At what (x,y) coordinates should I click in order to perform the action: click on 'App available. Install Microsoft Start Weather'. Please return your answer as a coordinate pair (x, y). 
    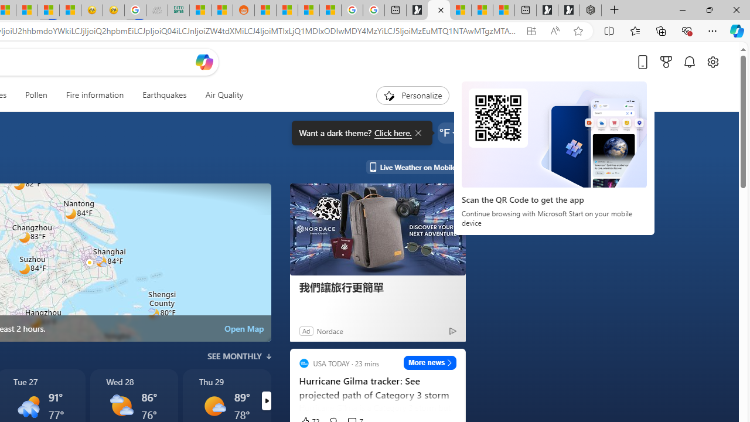
    Looking at the image, I should click on (530, 30).